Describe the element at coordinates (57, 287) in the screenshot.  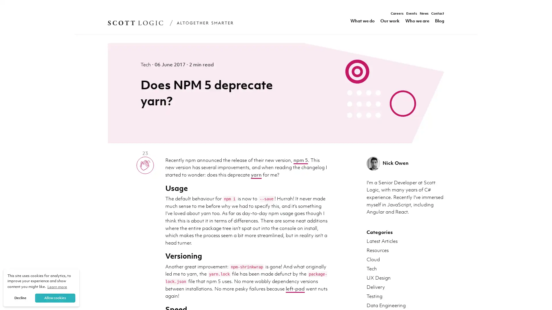
I see `learn more about cookies` at that location.